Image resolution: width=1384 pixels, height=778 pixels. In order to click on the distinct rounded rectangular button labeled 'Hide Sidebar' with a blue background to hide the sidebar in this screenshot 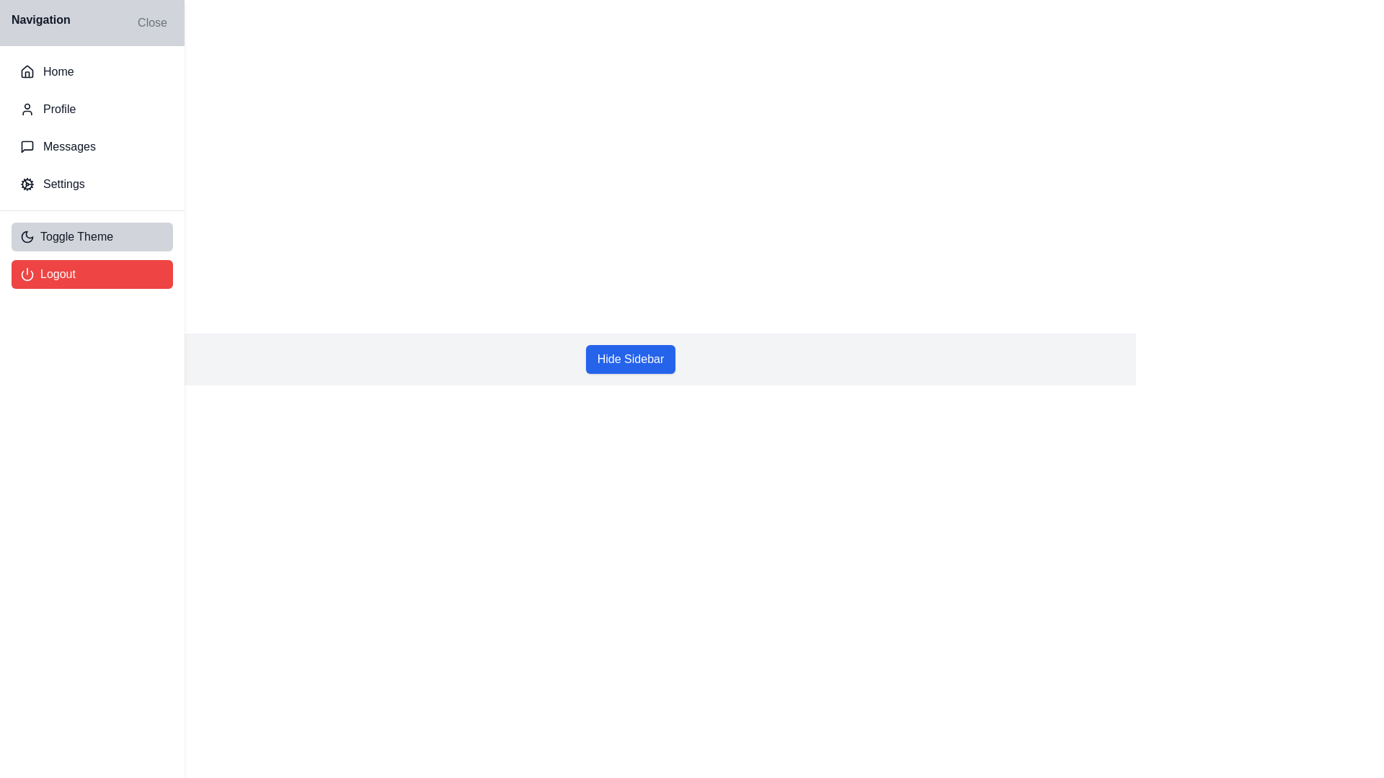, I will do `click(630, 358)`.